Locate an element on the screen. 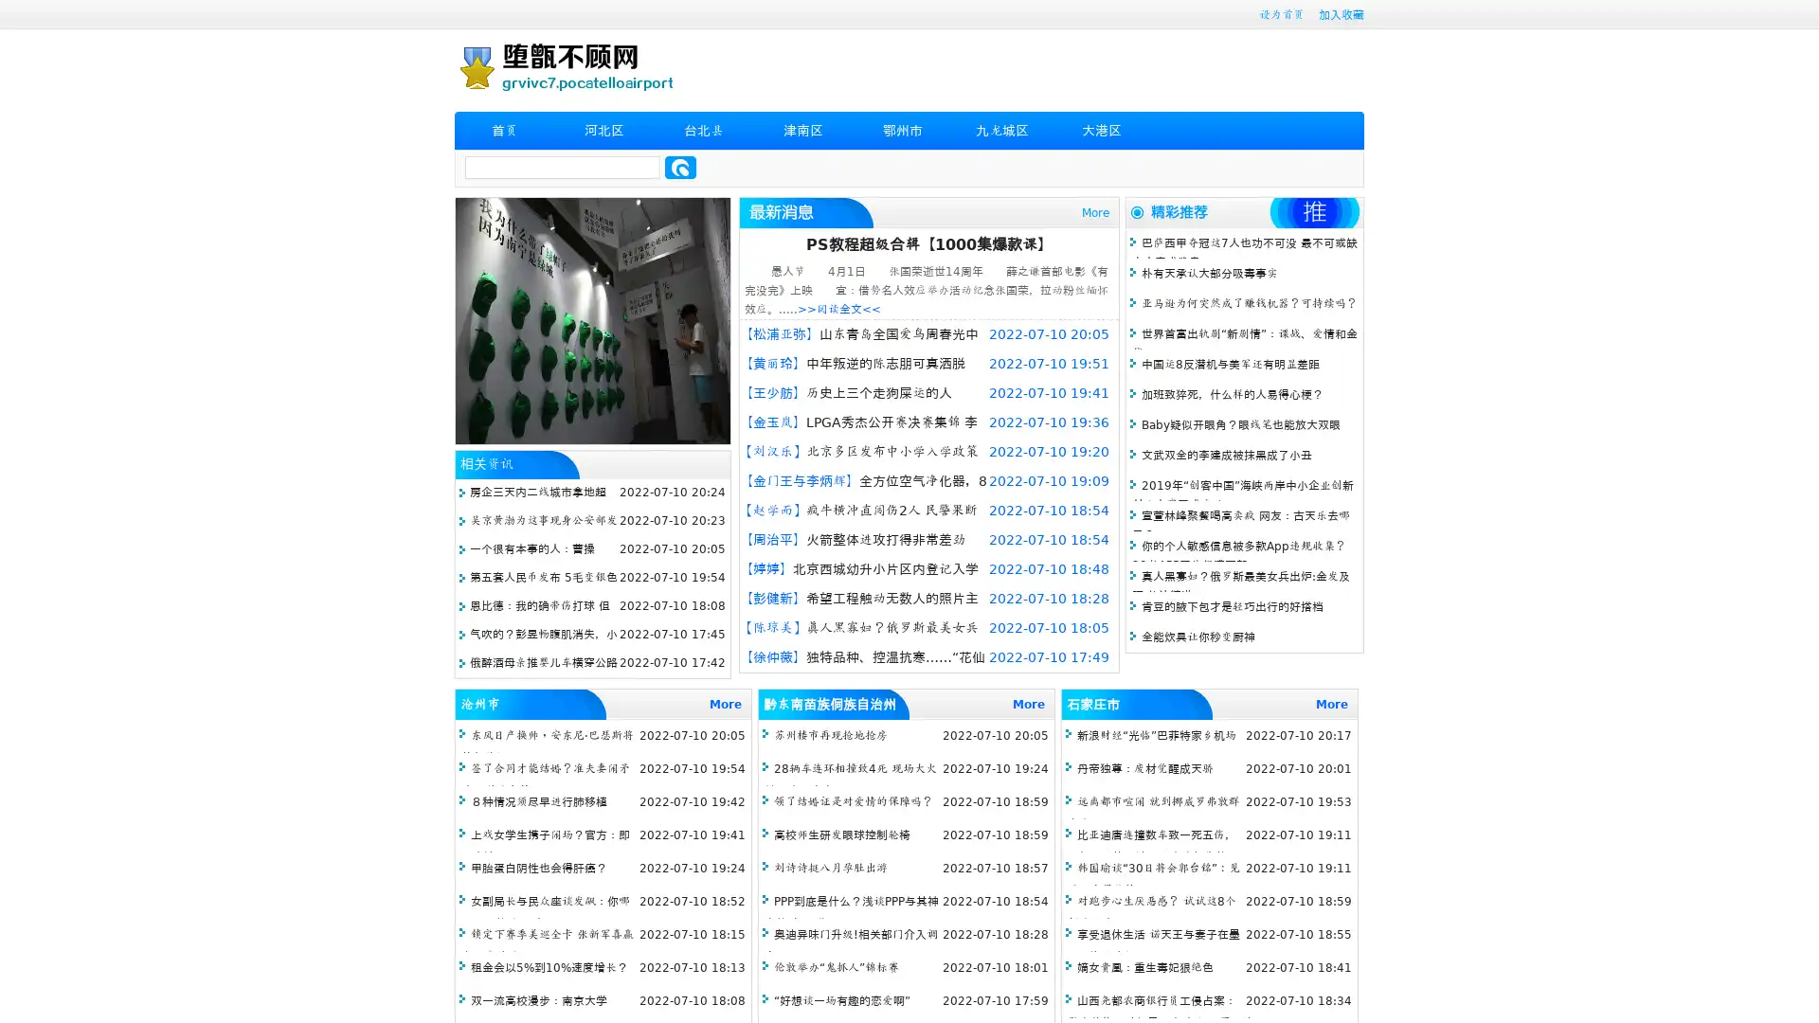 Image resolution: width=1819 pixels, height=1023 pixels. Search is located at coordinates (680, 167).